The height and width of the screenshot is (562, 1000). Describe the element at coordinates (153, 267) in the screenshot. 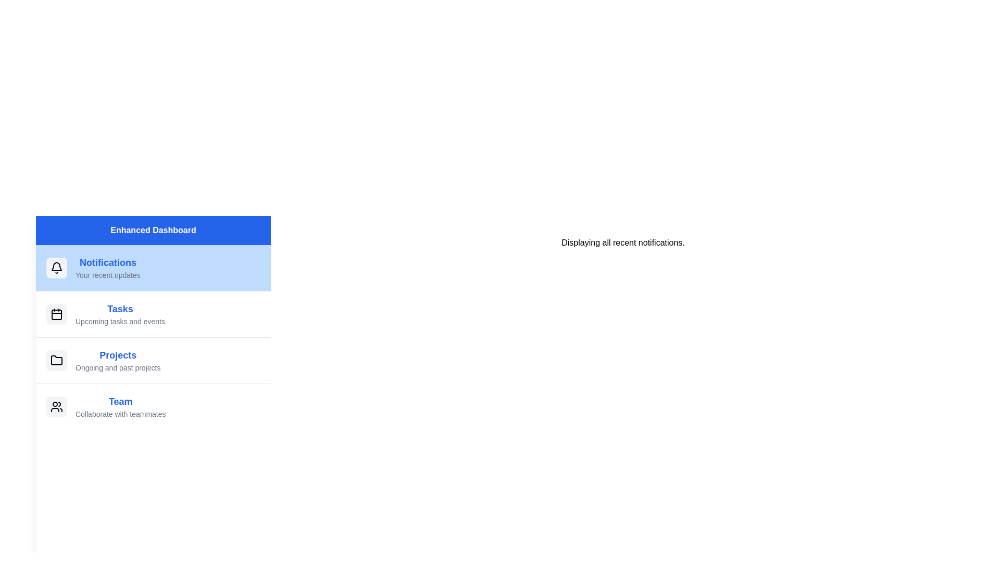

I see `the menu item labeled Notifications to observe its hover effect` at that location.